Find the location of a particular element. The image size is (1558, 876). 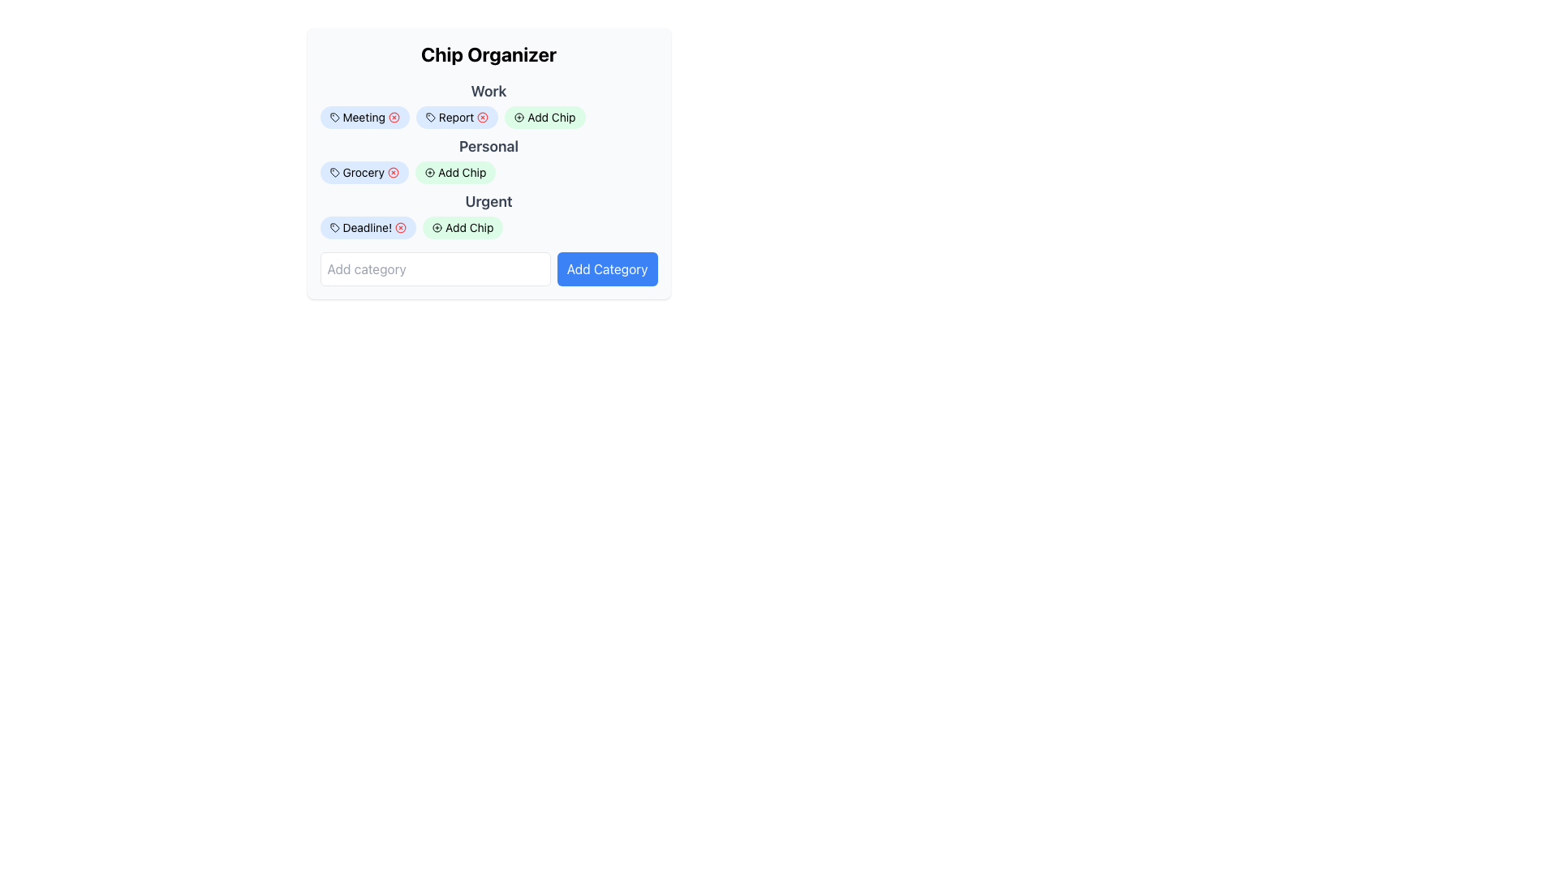

the button located in the 'Work' category is located at coordinates (545, 117).